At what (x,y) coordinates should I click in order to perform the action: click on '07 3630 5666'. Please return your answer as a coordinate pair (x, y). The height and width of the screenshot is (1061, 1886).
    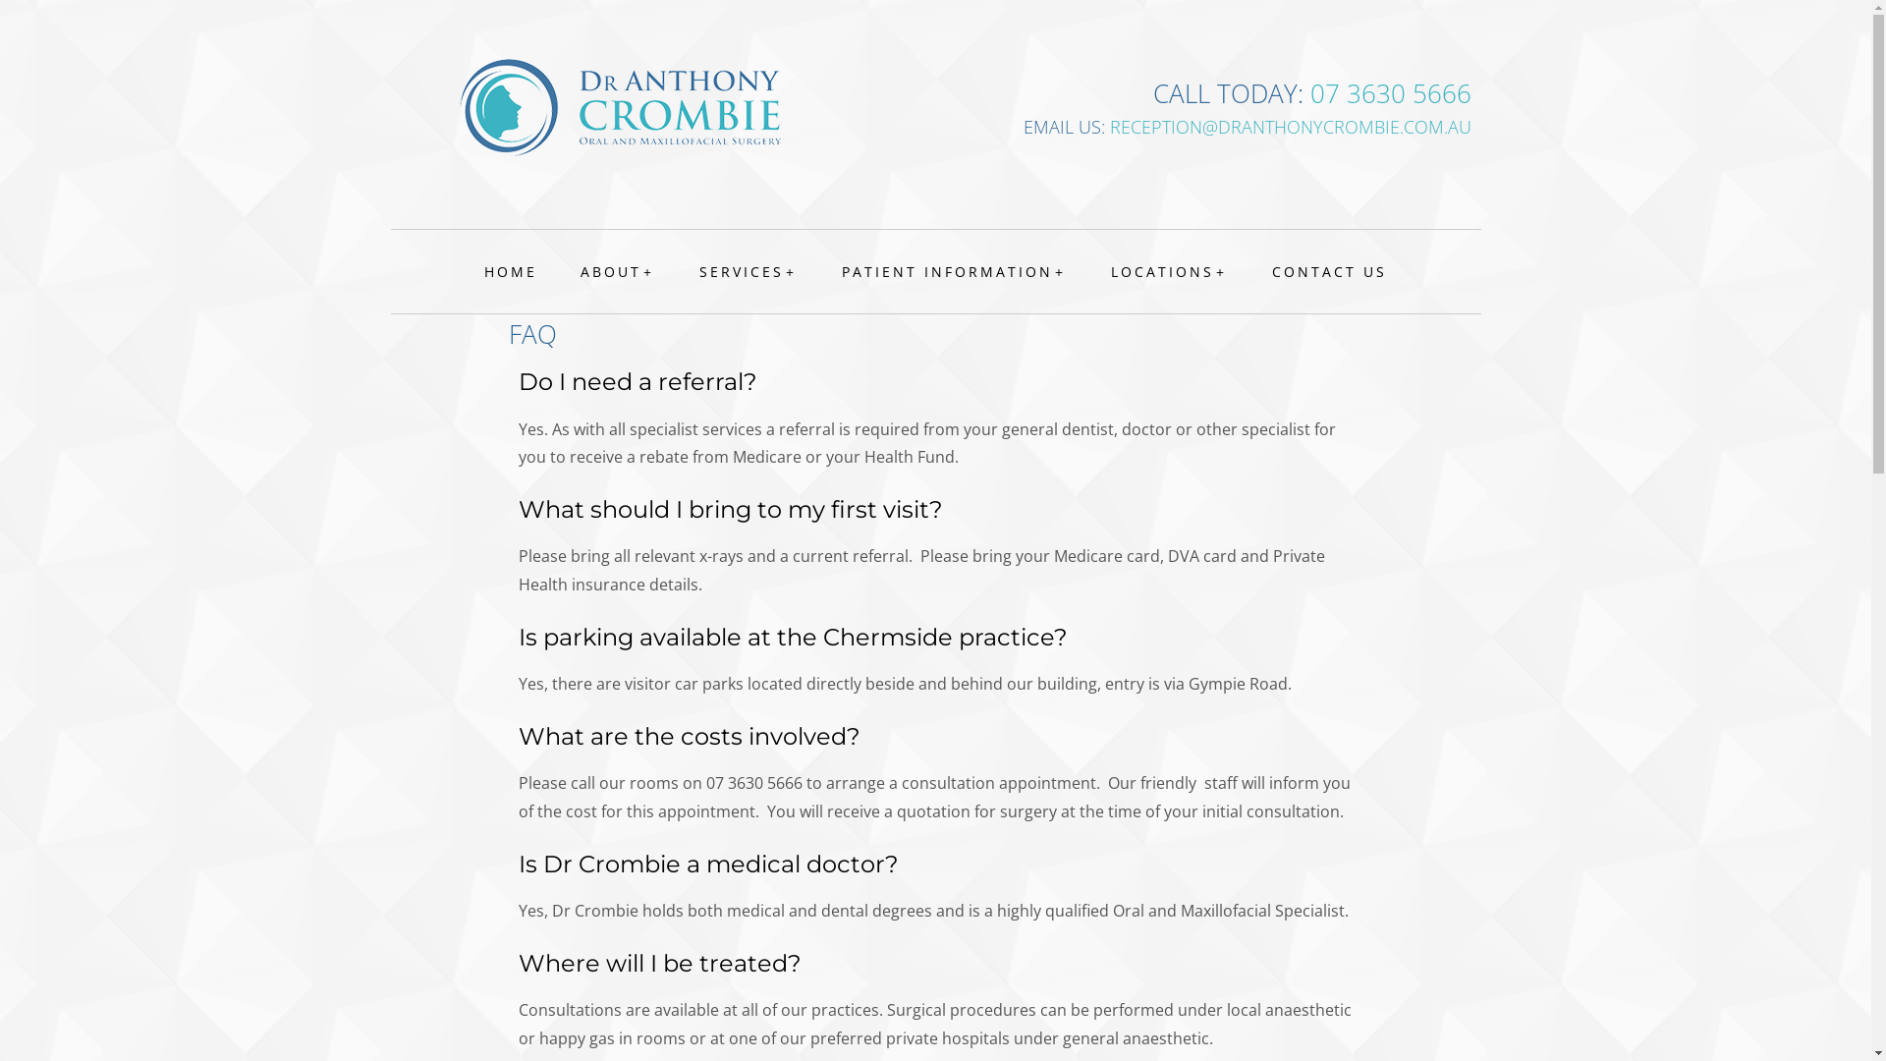
    Looking at the image, I should click on (1390, 93).